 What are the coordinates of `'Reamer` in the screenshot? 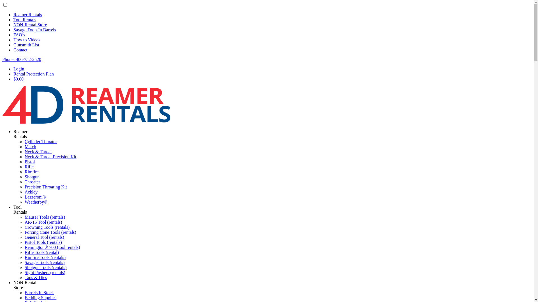 It's located at (13, 134).